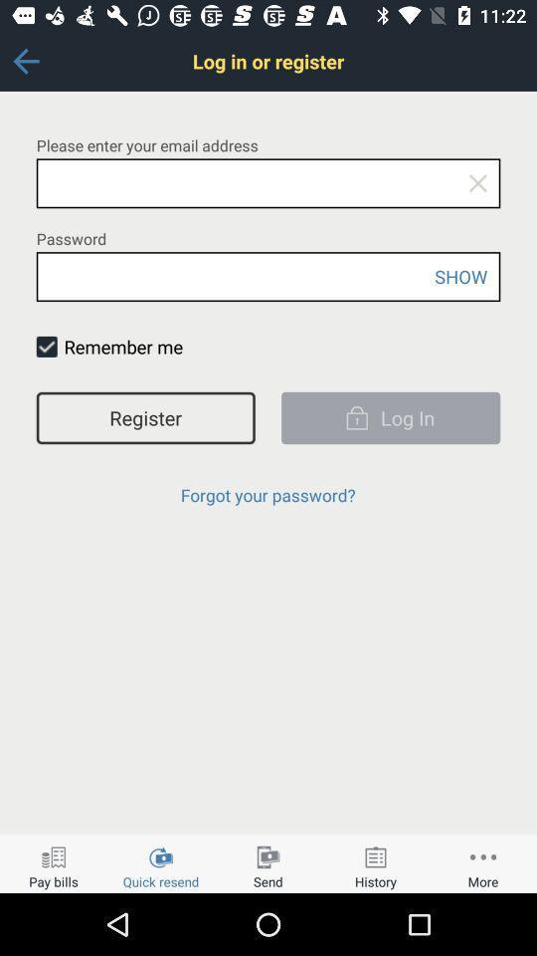  Describe the element at coordinates (47, 347) in the screenshot. I see `item to the left of the remember me` at that location.